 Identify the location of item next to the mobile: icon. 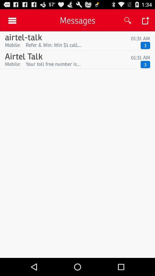
(82, 64).